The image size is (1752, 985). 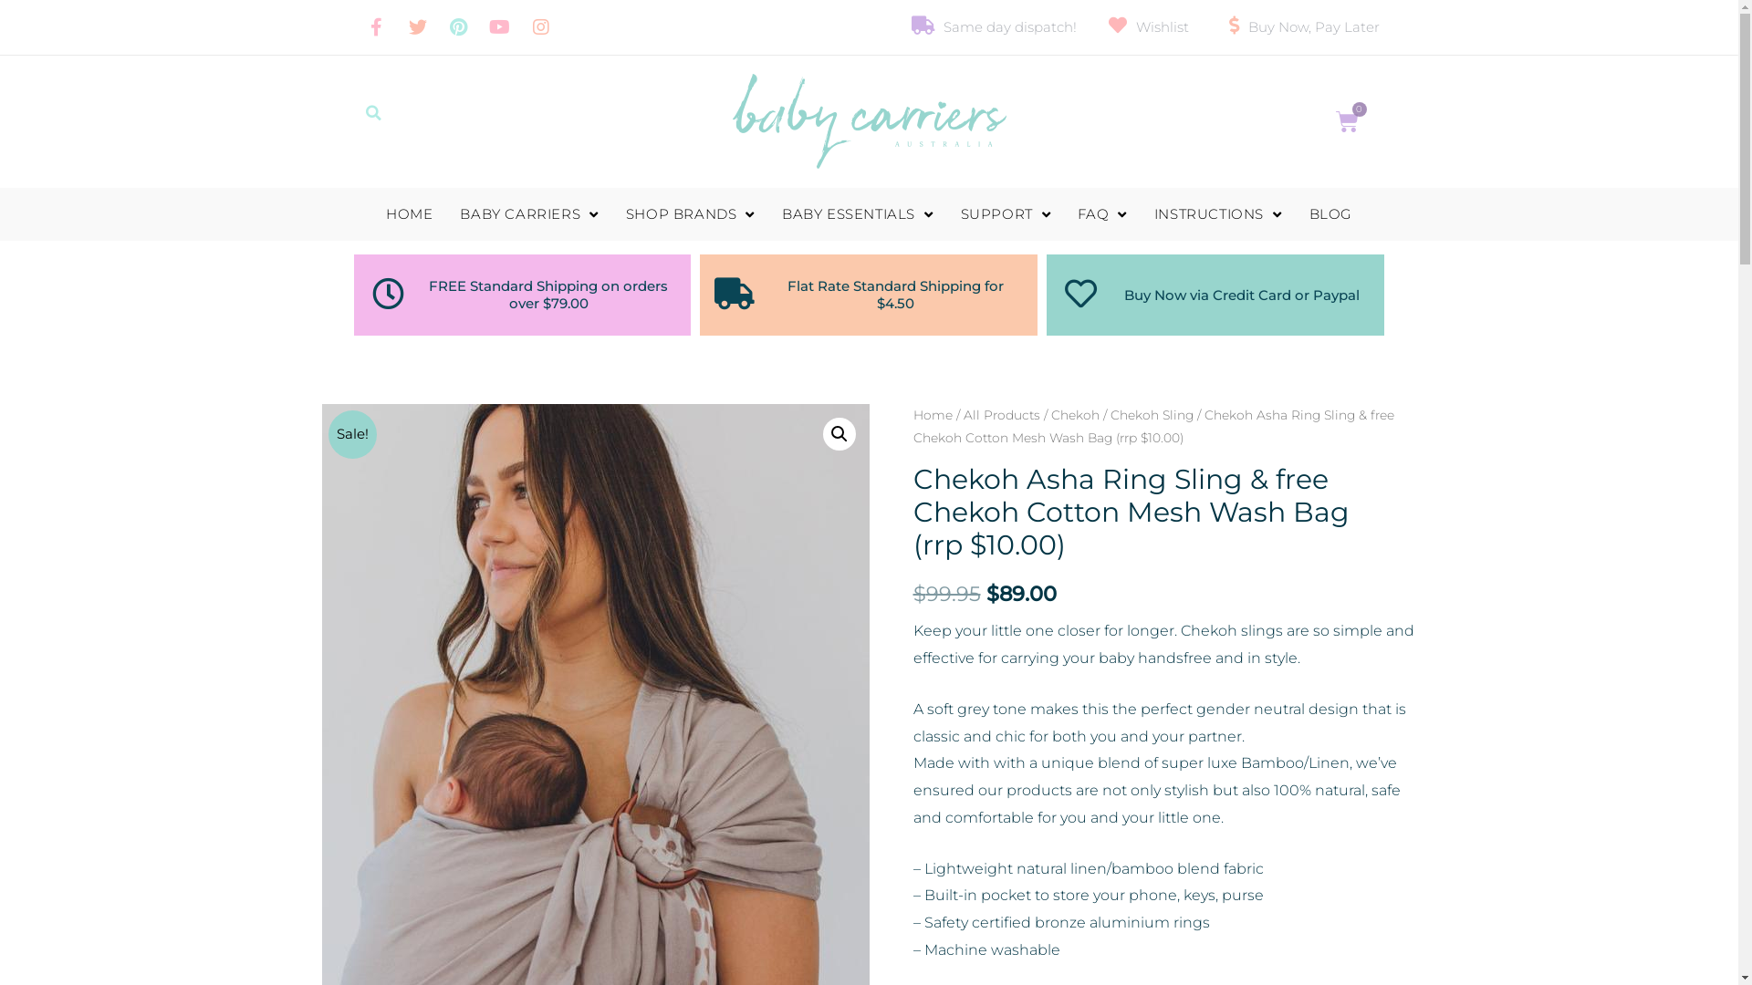 I want to click on 'FAQ', so click(x=1100, y=213).